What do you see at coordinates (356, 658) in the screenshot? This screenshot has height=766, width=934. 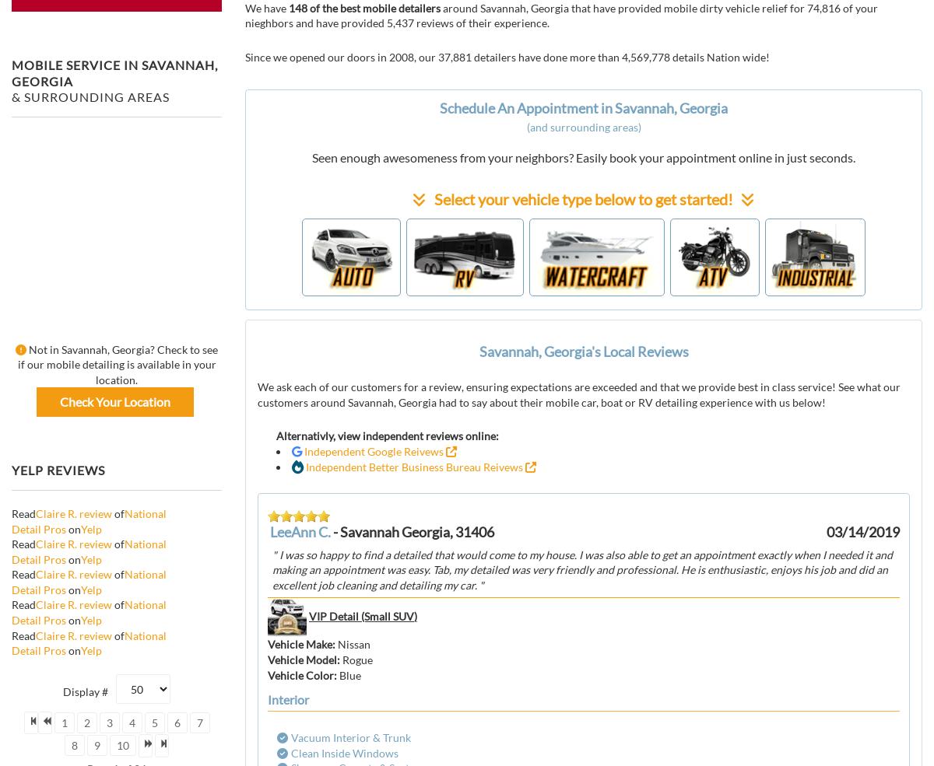 I see `'Rogue'` at bounding box center [356, 658].